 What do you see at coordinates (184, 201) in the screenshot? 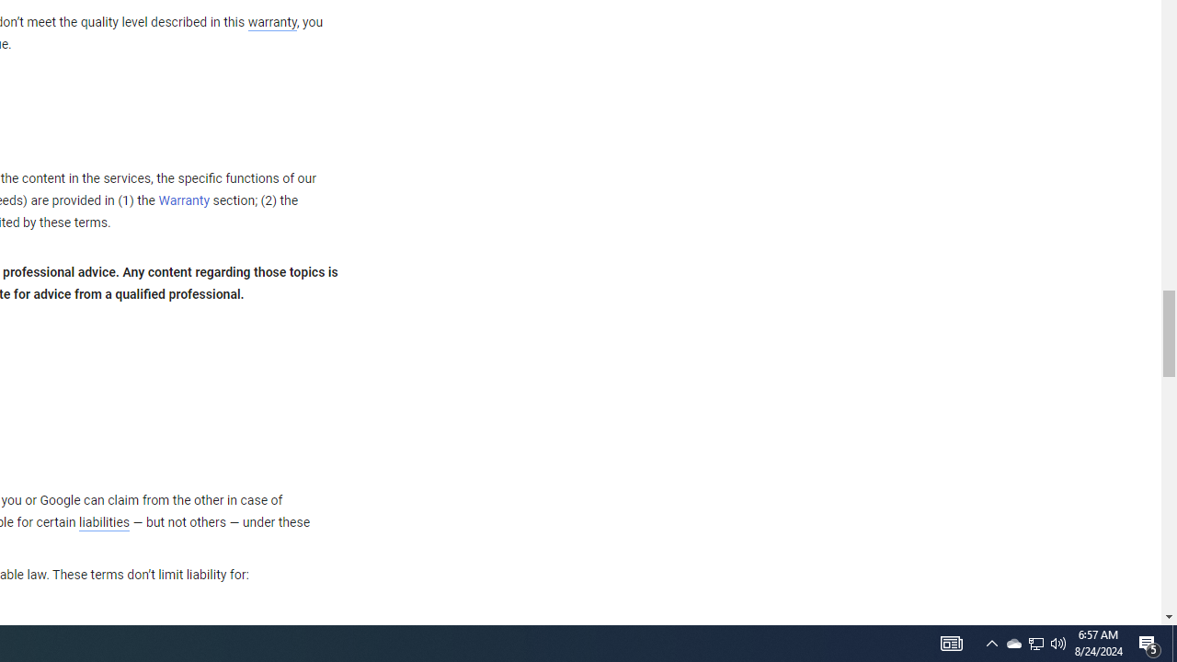
I see `'Warranty'` at bounding box center [184, 201].